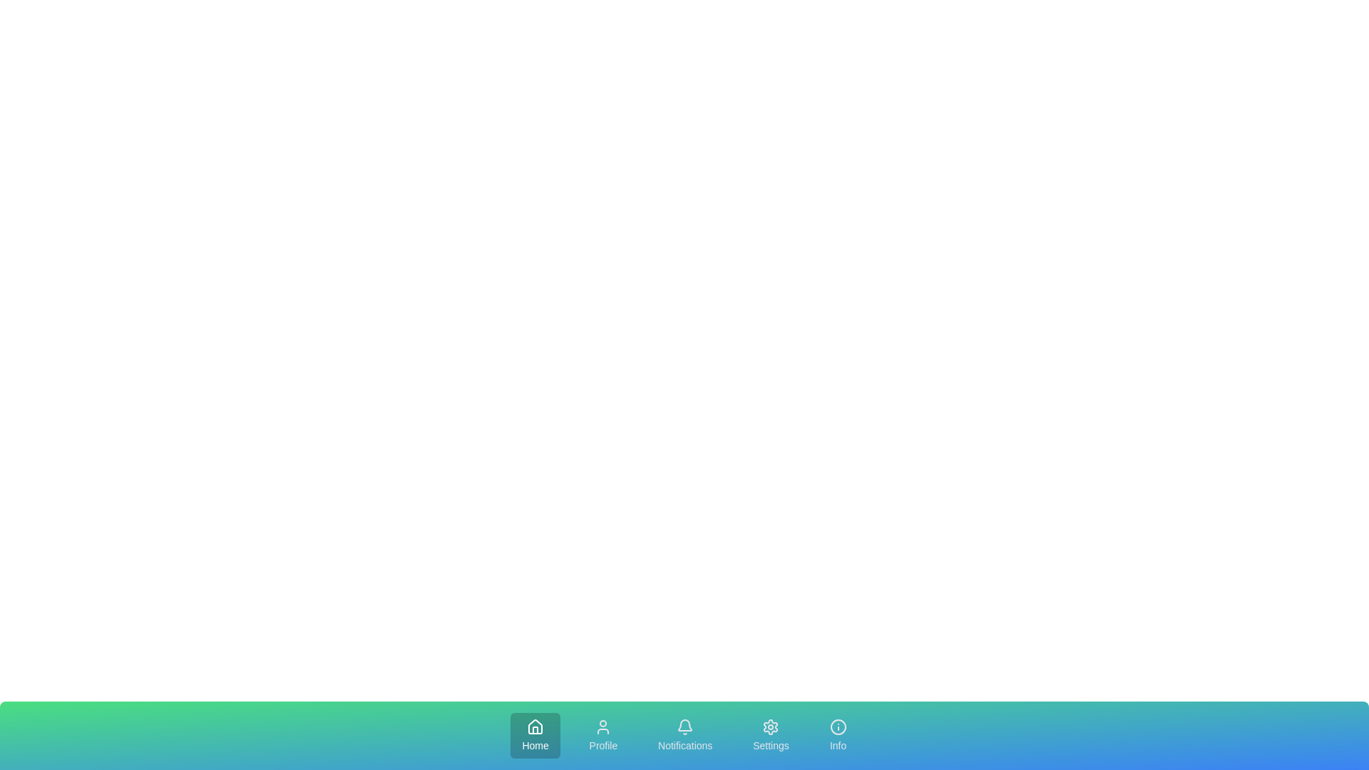  Describe the element at coordinates (603, 736) in the screenshot. I see `the Profile tab in the navigation bar` at that location.